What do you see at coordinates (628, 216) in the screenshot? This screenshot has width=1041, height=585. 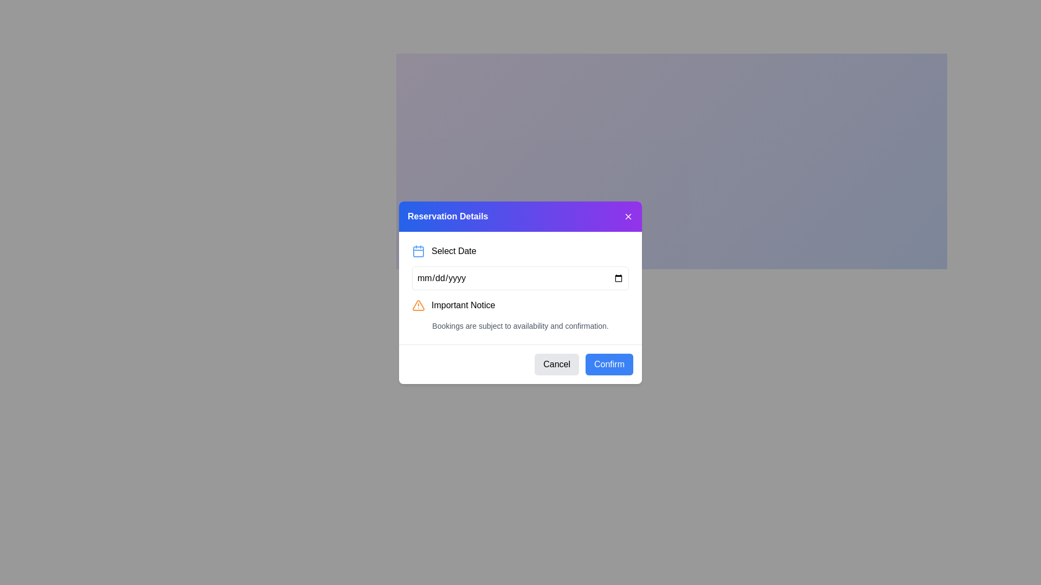 I see `the 'X' close icon located in the top-right corner of the 'Reservation Details' dialog box for keyboard interaction` at bounding box center [628, 216].